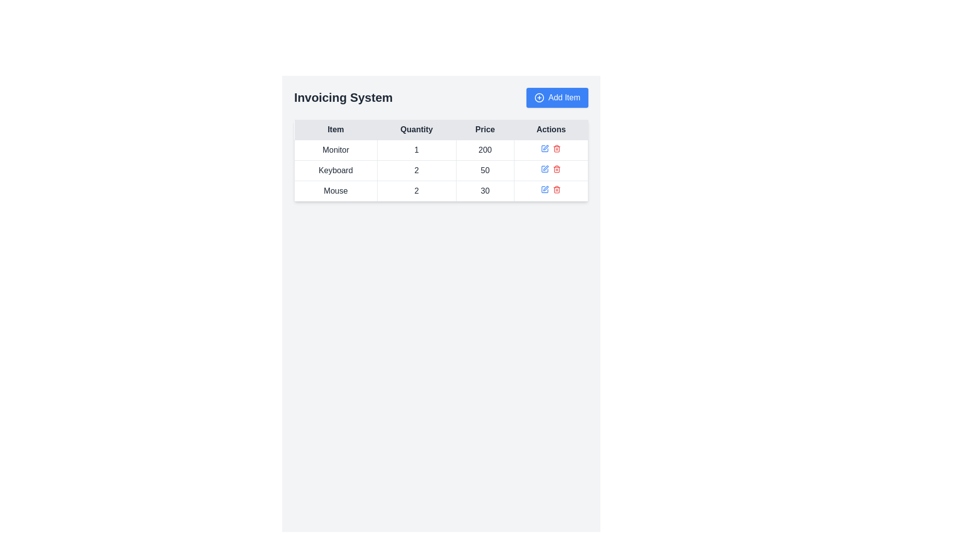 The width and height of the screenshot is (959, 539). I want to click on inside the fourth cell of the second row in the table under the 'Actions' header, which corresponds to the item 'Keyboard', to focus it, so click(550, 170).